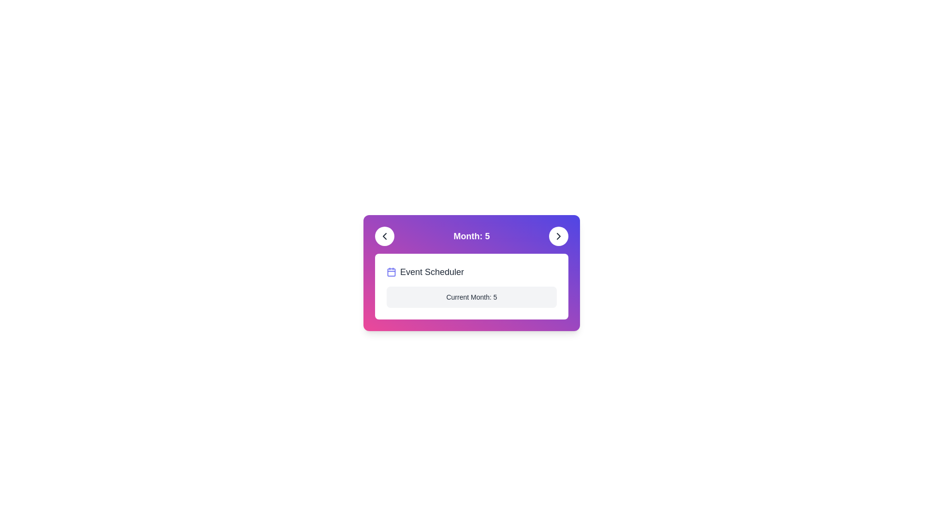 This screenshot has width=928, height=522. I want to click on the right navigation button for advancing to the next month in the calendar, which is symmetrically aligned with the text 'Month: 5', so click(559, 236).